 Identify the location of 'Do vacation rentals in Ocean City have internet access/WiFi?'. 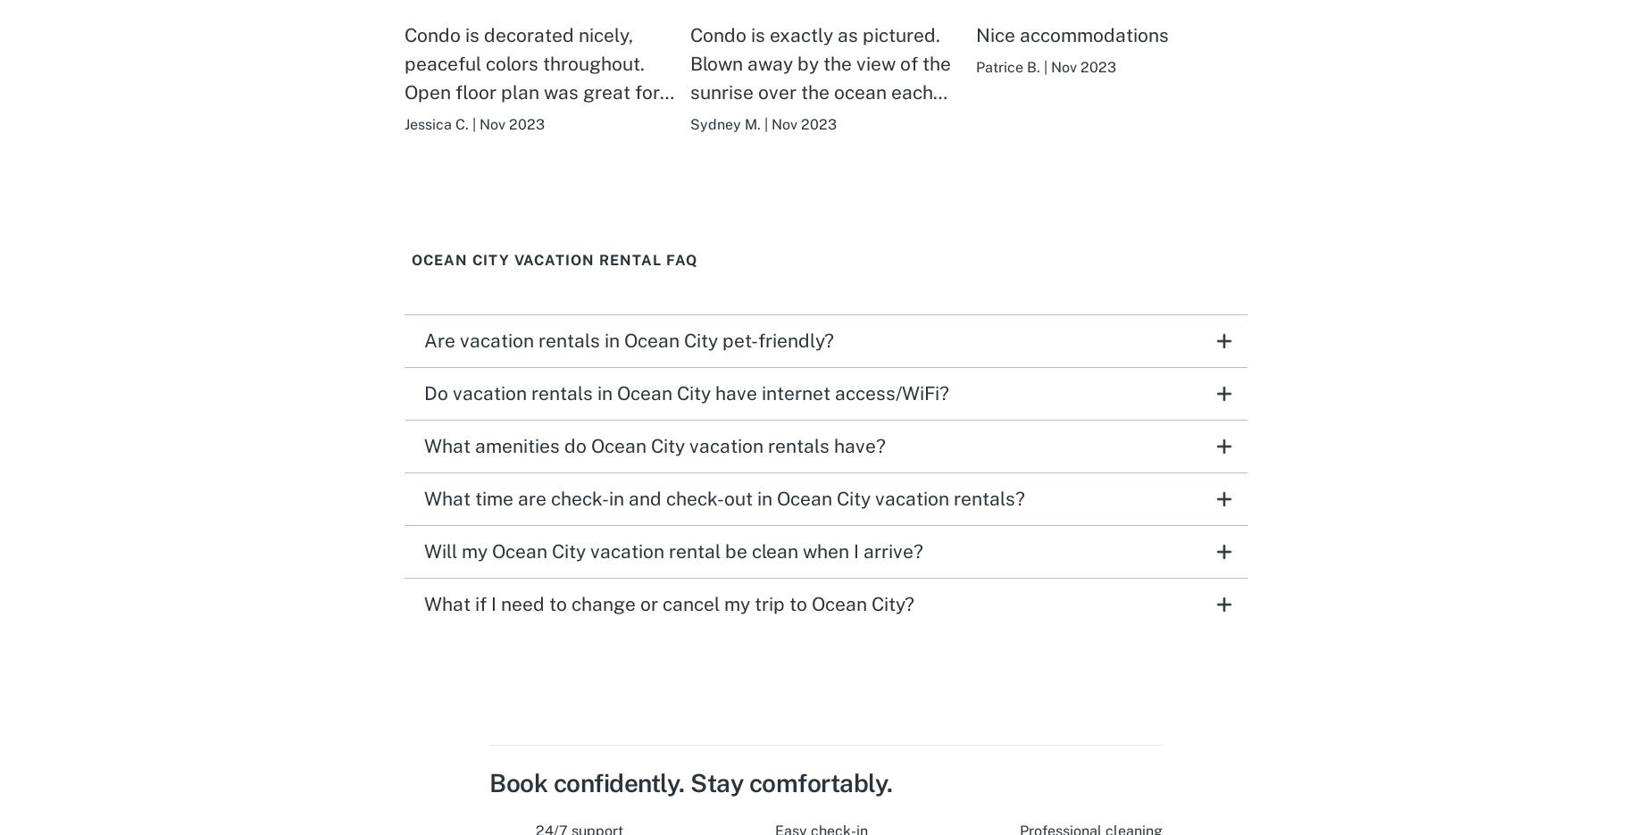
(424, 391).